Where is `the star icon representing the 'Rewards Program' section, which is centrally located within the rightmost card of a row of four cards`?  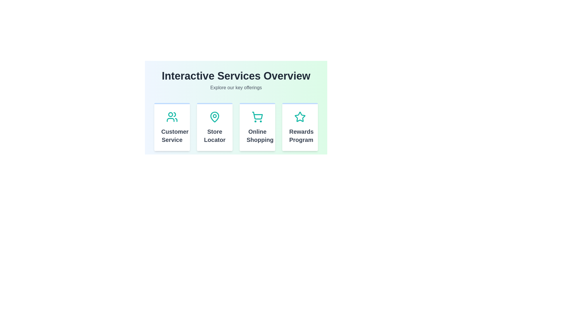 the star icon representing the 'Rewards Program' section, which is centrally located within the rightmost card of a row of four cards is located at coordinates (300, 117).